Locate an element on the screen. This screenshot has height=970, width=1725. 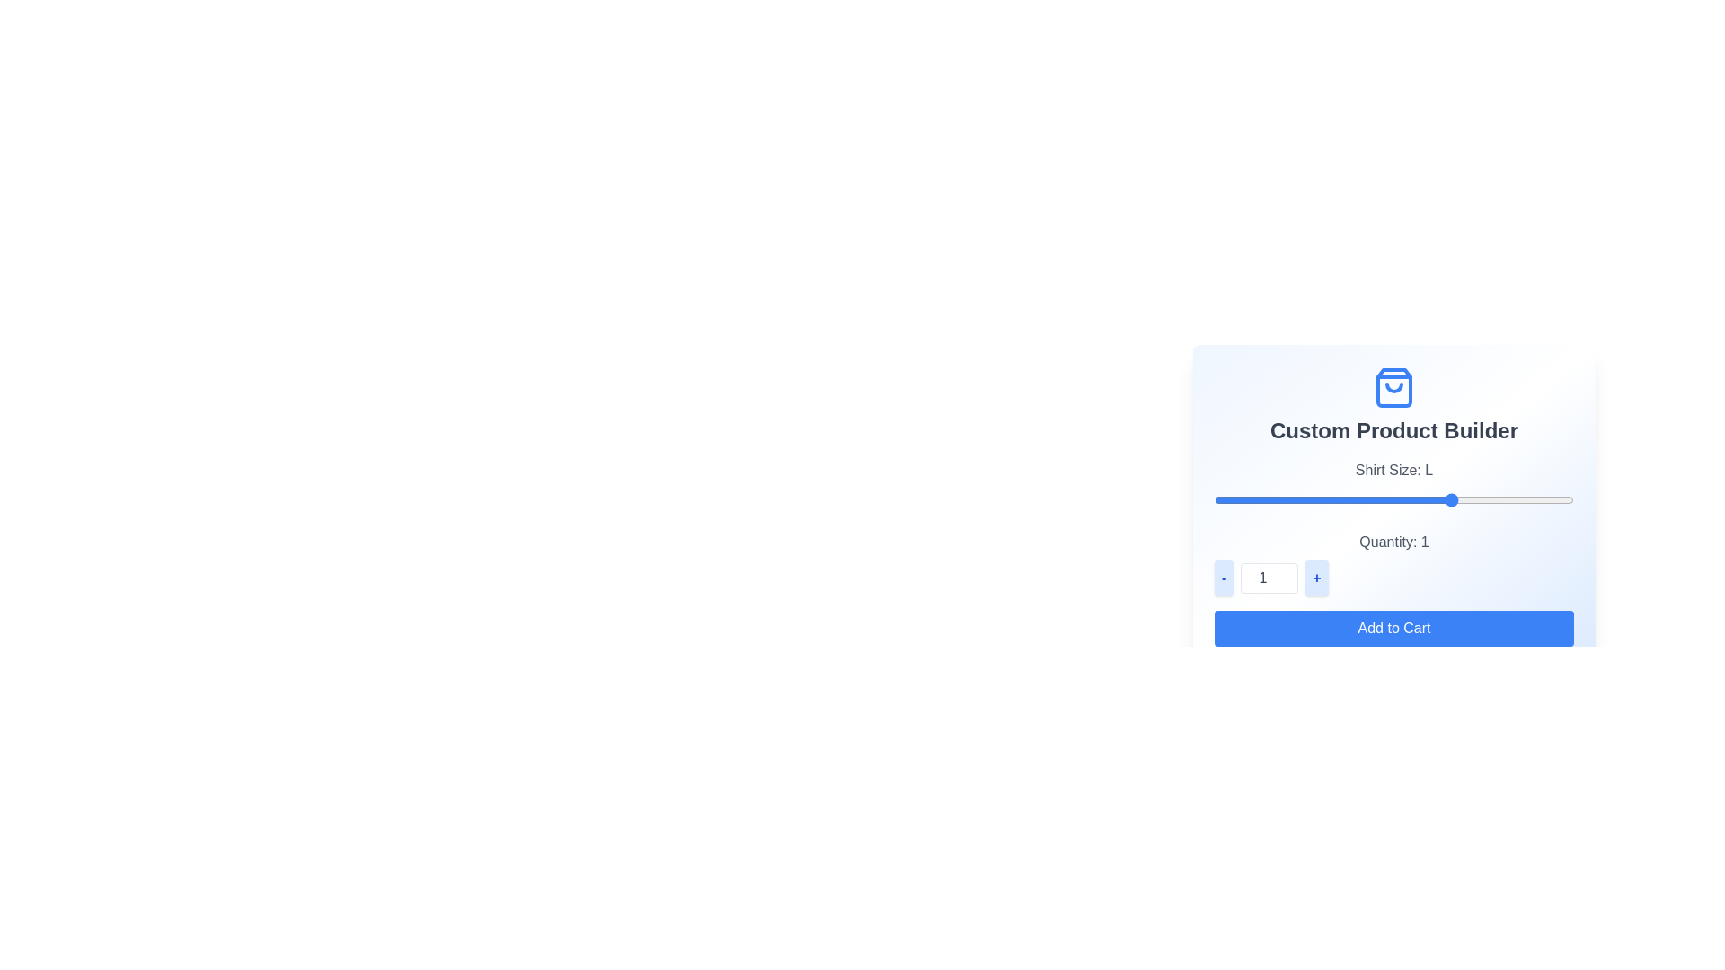
the slider is located at coordinates (1454, 499).